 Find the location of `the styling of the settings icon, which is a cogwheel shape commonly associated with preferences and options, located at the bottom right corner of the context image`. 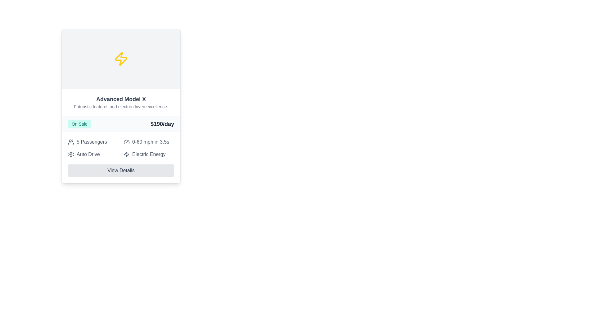

the styling of the settings icon, which is a cogwheel shape commonly associated with preferences and options, located at the bottom right corner of the context image is located at coordinates (71, 154).